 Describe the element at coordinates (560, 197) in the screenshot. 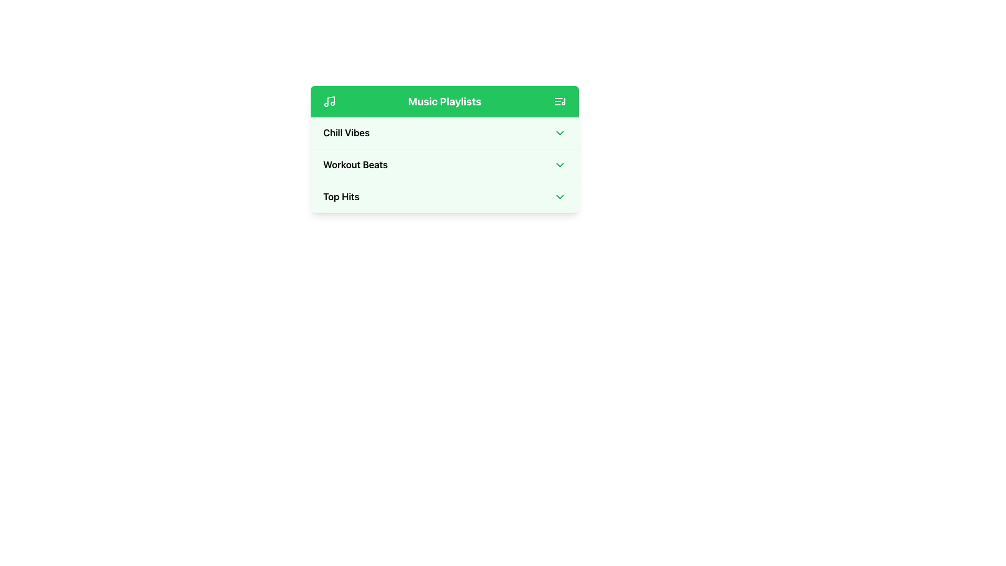

I see `the chevron icon at the right end of the 'Top Hits' row in the 'Music Playlists' section` at that location.